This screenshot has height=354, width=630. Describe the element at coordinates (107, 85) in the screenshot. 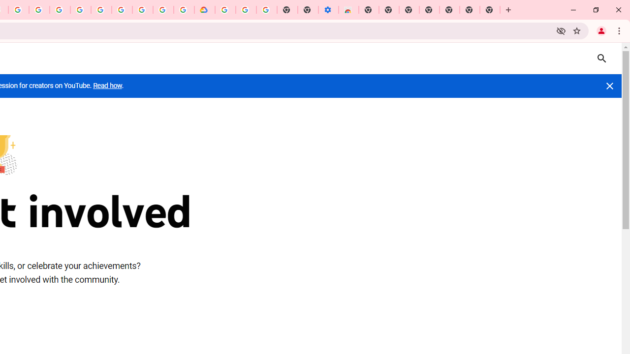

I see `'Read how'` at that location.